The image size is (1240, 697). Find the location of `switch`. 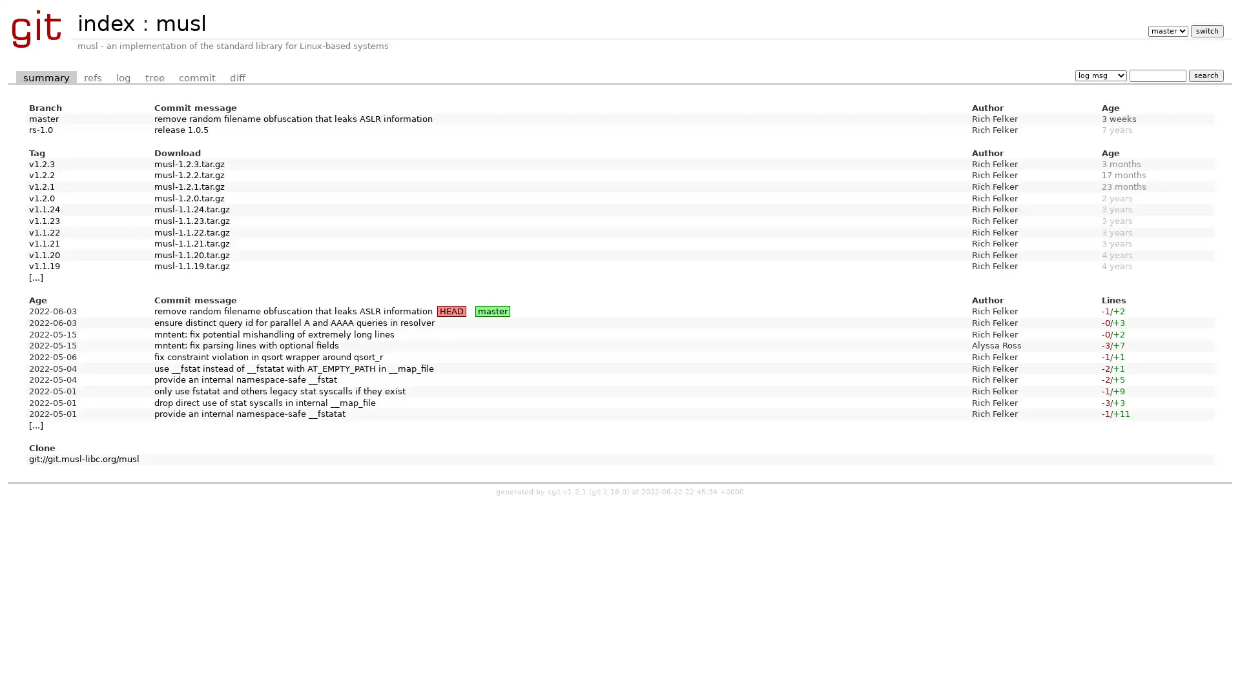

switch is located at coordinates (1206, 30).